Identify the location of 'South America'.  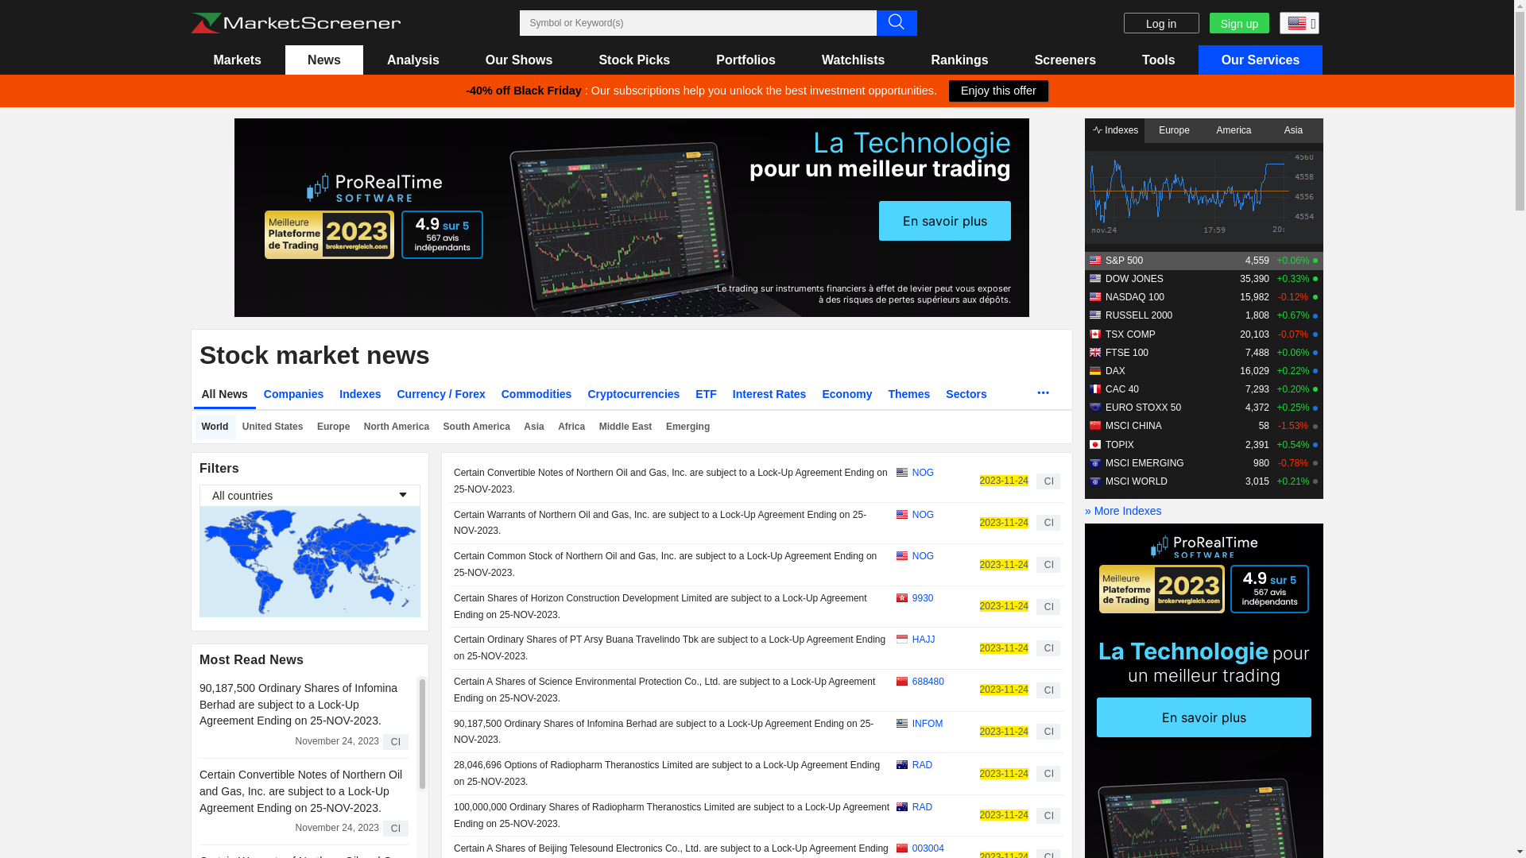
(476, 426).